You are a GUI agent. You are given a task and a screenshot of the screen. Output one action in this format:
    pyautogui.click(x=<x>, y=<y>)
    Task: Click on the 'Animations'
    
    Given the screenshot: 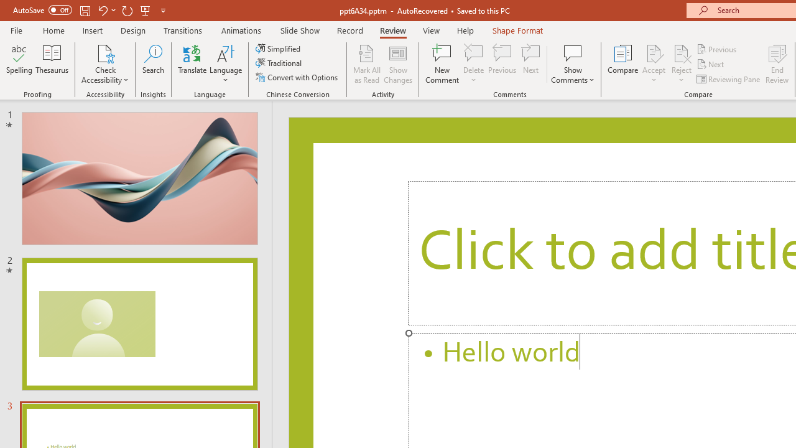 What is the action you would take?
    pyautogui.click(x=241, y=30)
    